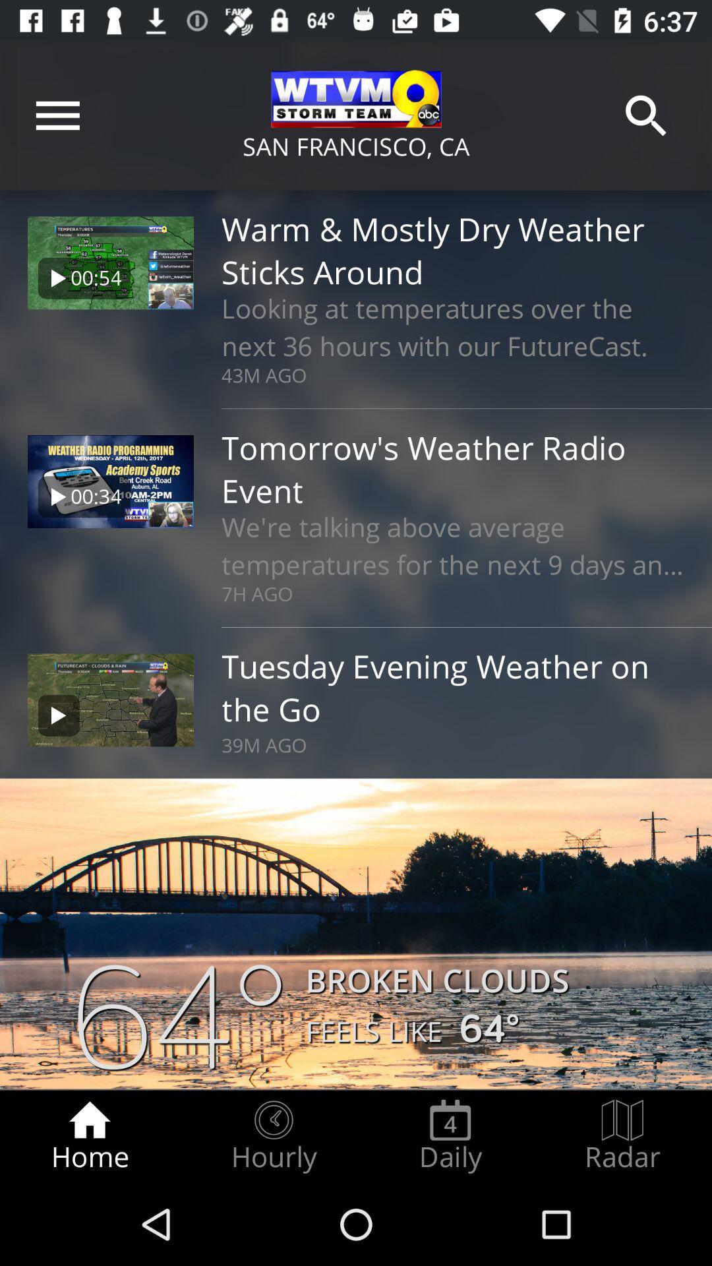  What do you see at coordinates (450, 1135) in the screenshot?
I see `icon next to radar radio button` at bounding box center [450, 1135].